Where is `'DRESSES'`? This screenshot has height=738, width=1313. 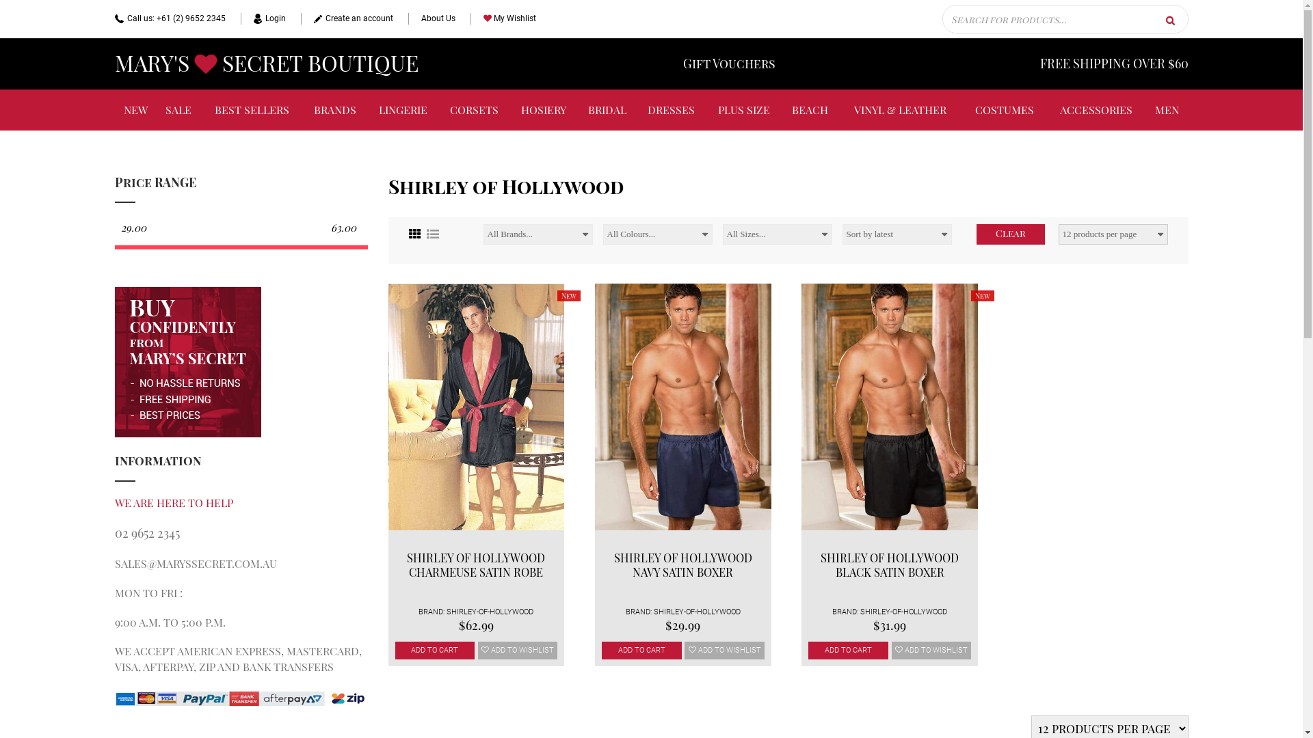
'DRESSES' is located at coordinates (672, 109).